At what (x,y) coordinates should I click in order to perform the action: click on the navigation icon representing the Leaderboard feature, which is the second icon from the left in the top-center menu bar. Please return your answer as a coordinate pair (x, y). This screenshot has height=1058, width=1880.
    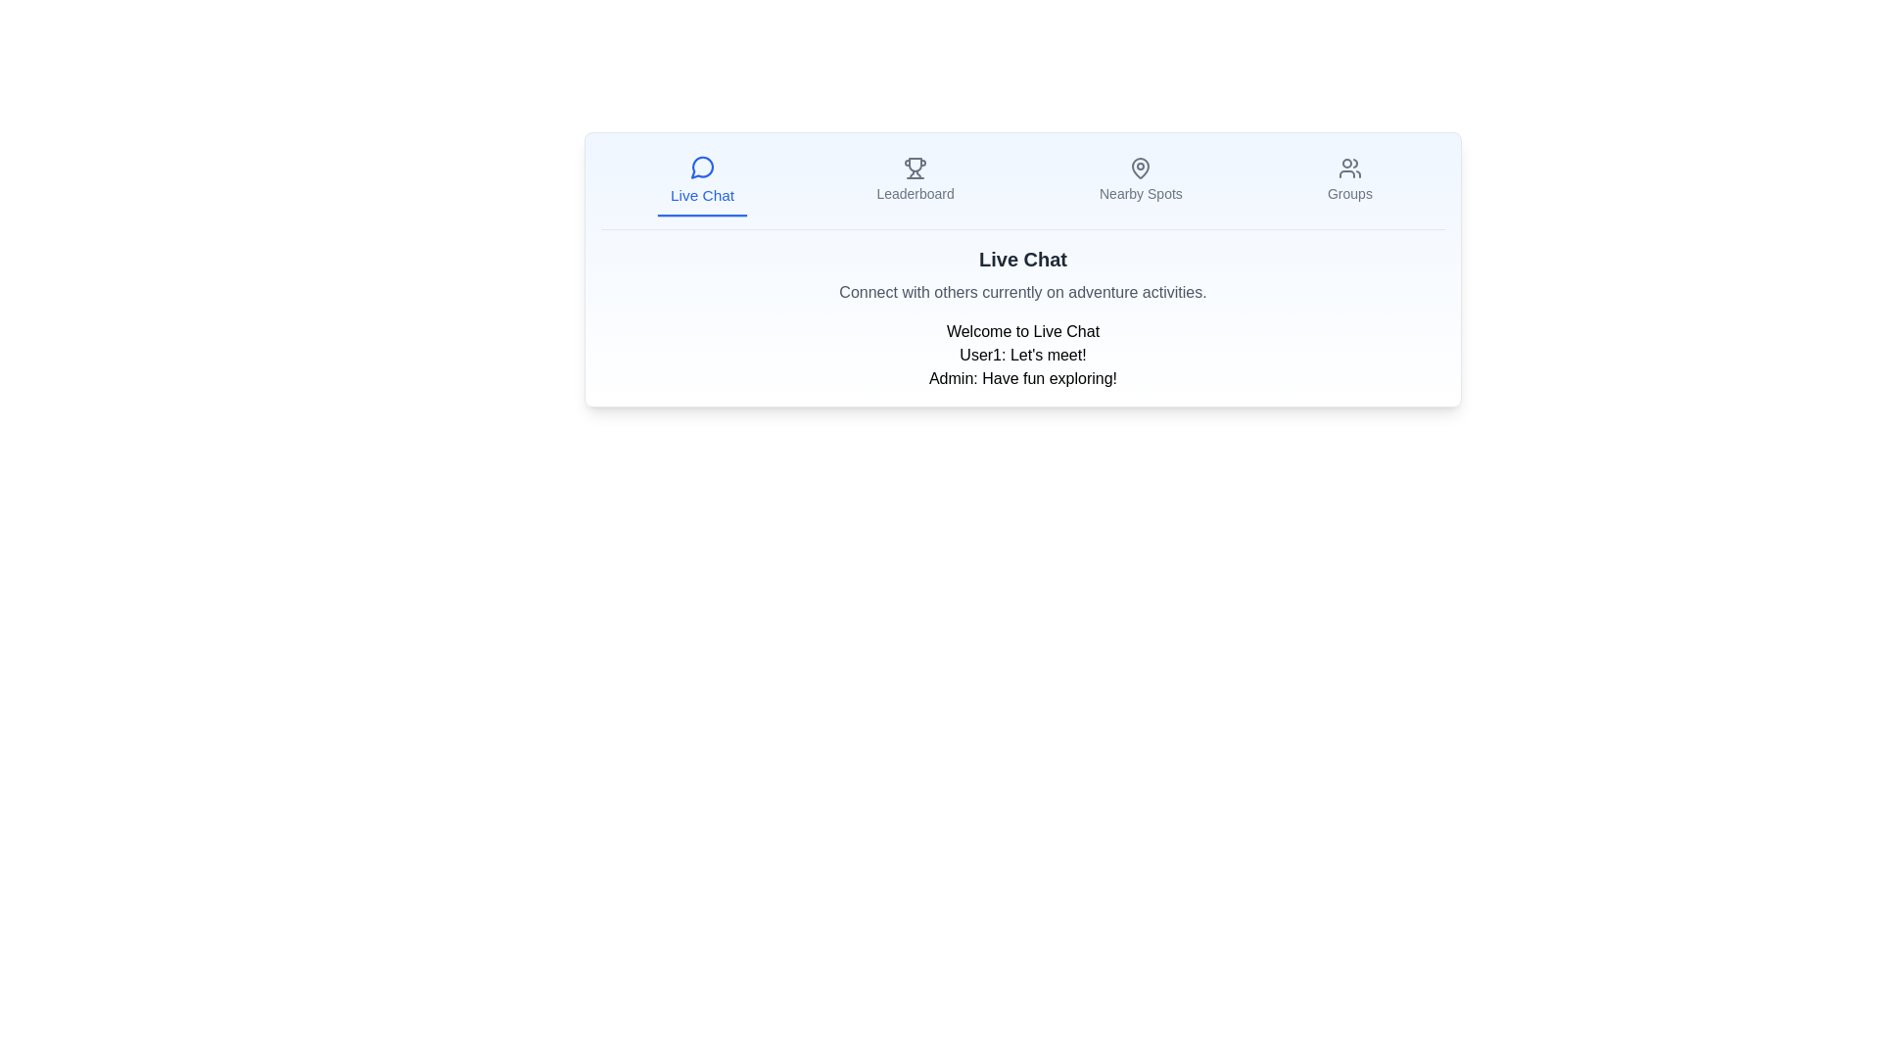
    Looking at the image, I should click on (915, 168).